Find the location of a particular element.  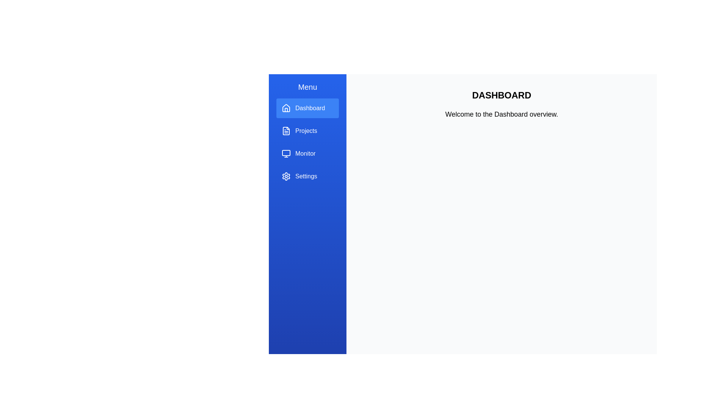

the computer monitor icon in the left sidebar navigation menu is located at coordinates (285, 153).